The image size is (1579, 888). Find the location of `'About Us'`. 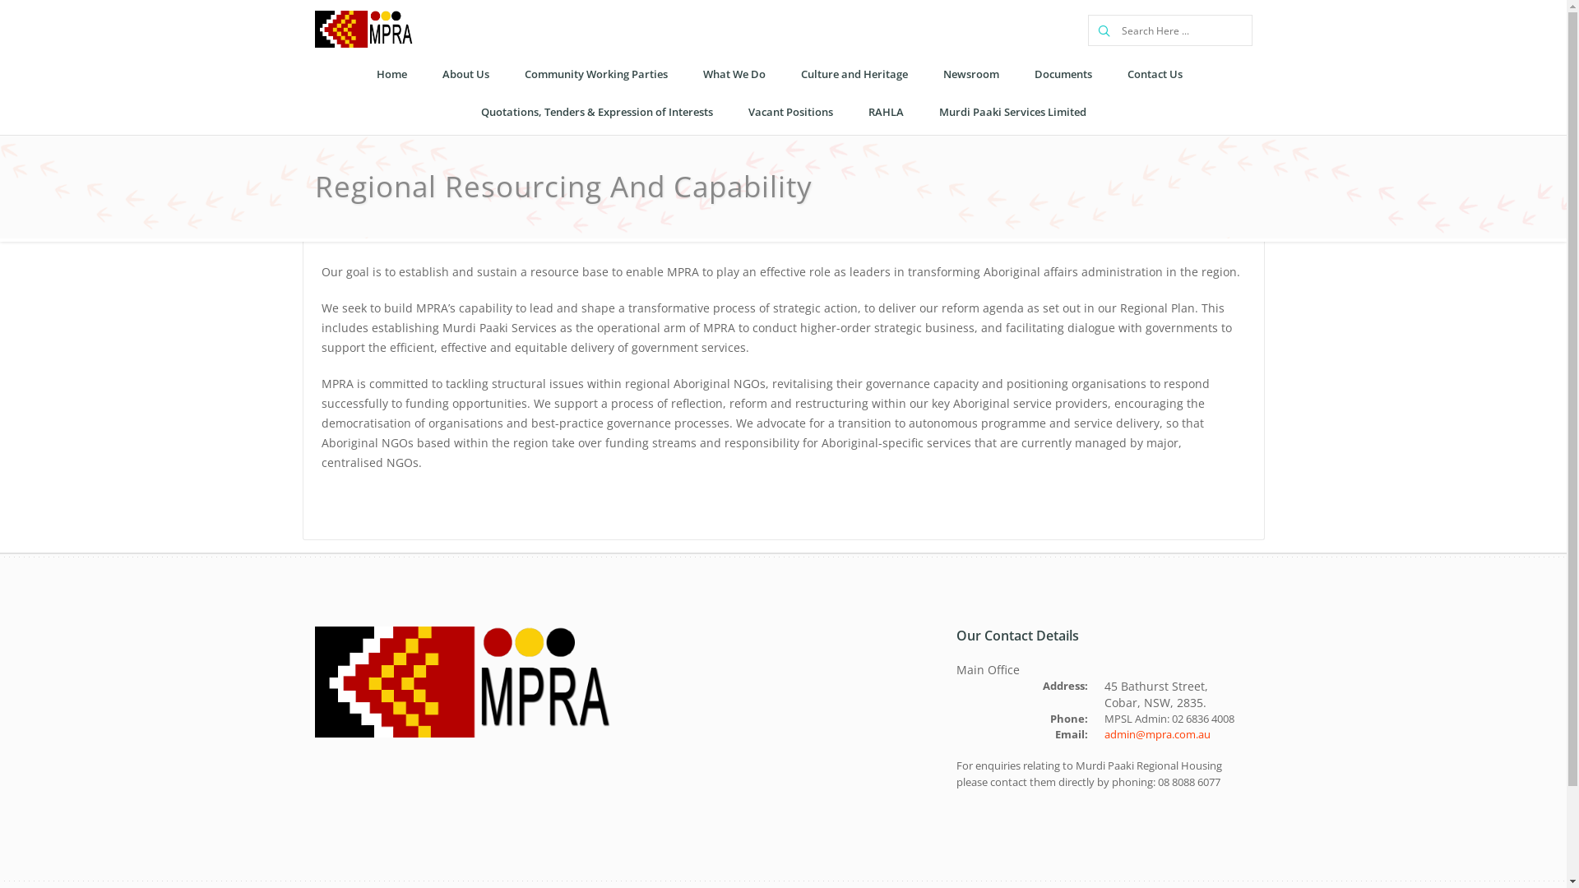

'About Us' is located at coordinates (464, 75).